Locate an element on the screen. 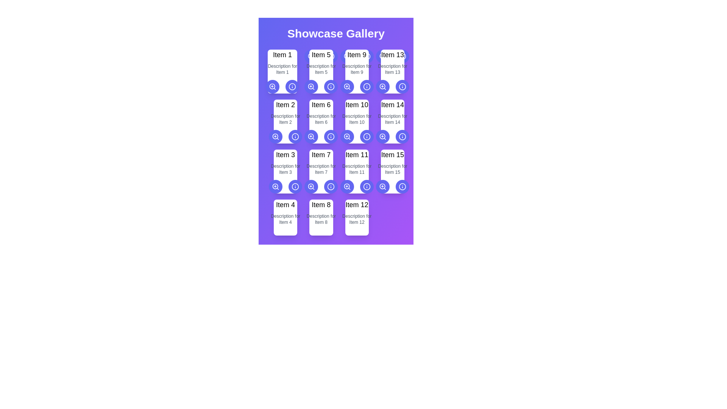 This screenshot has width=727, height=409. the text element displaying 'Description for Item 3', which is located below the title 'Item 3' in the grid layout is located at coordinates (285, 169).